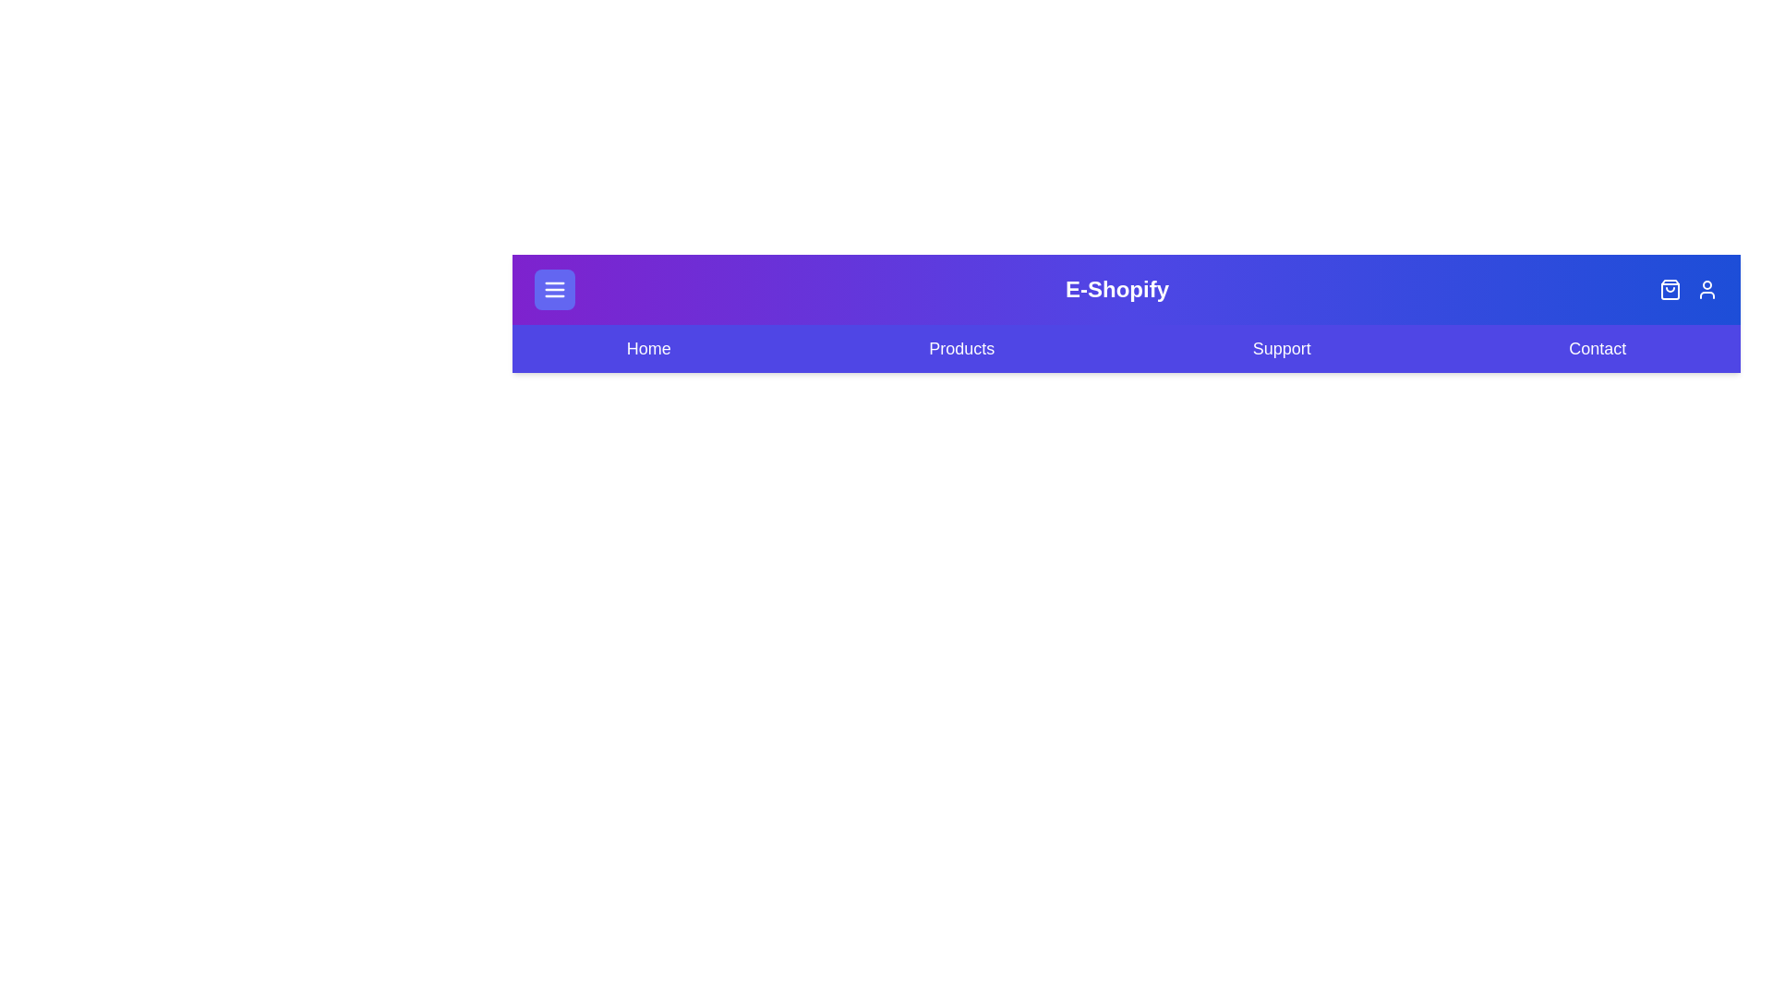 Image resolution: width=1773 pixels, height=997 pixels. What do you see at coordinates (1596, 349) in the screenshot?
I see `the navigation menu item Contact` at bounding box center [1596, 349].